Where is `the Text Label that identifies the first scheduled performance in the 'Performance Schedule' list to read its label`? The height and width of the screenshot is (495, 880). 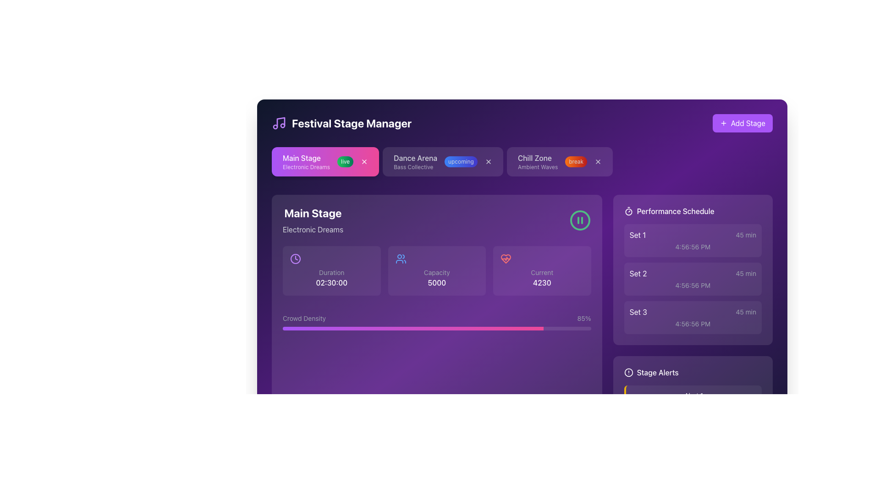 the Text Label that identifies the first scheduled performance in the 'Performance Schedule' list to read its label is located at coordinates (637, 235).